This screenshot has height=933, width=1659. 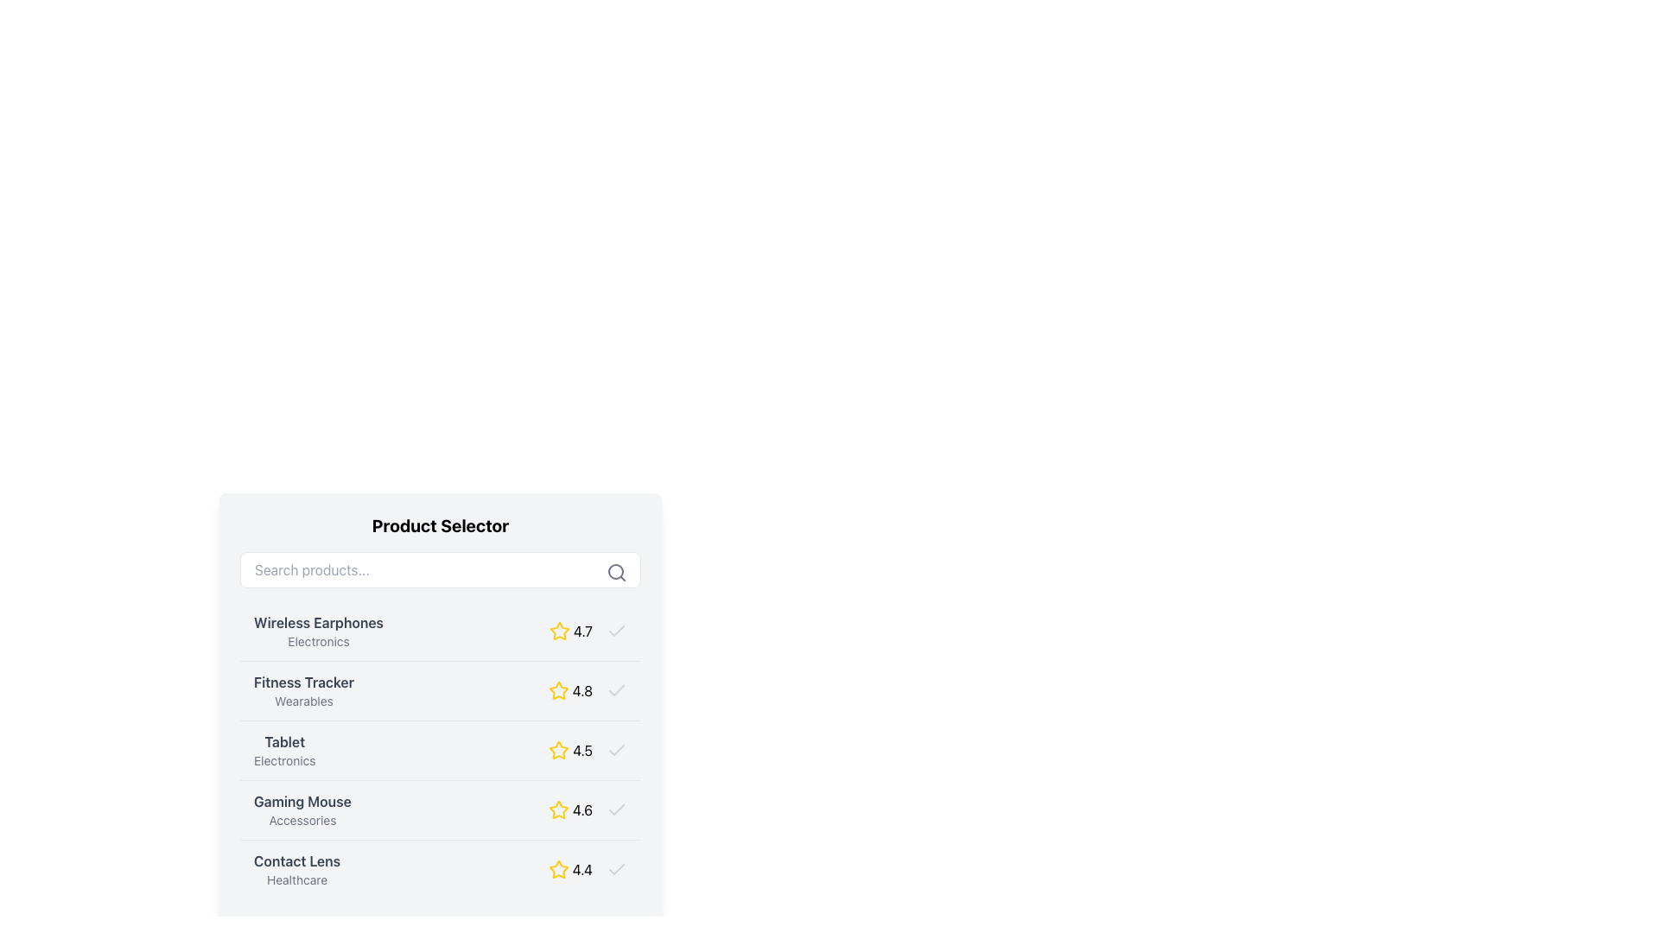 I want to click on the Text label that identifies the product category as 'Tablet' within the vertically stacked list under 'Product Selector', so click(x=284, y=749).